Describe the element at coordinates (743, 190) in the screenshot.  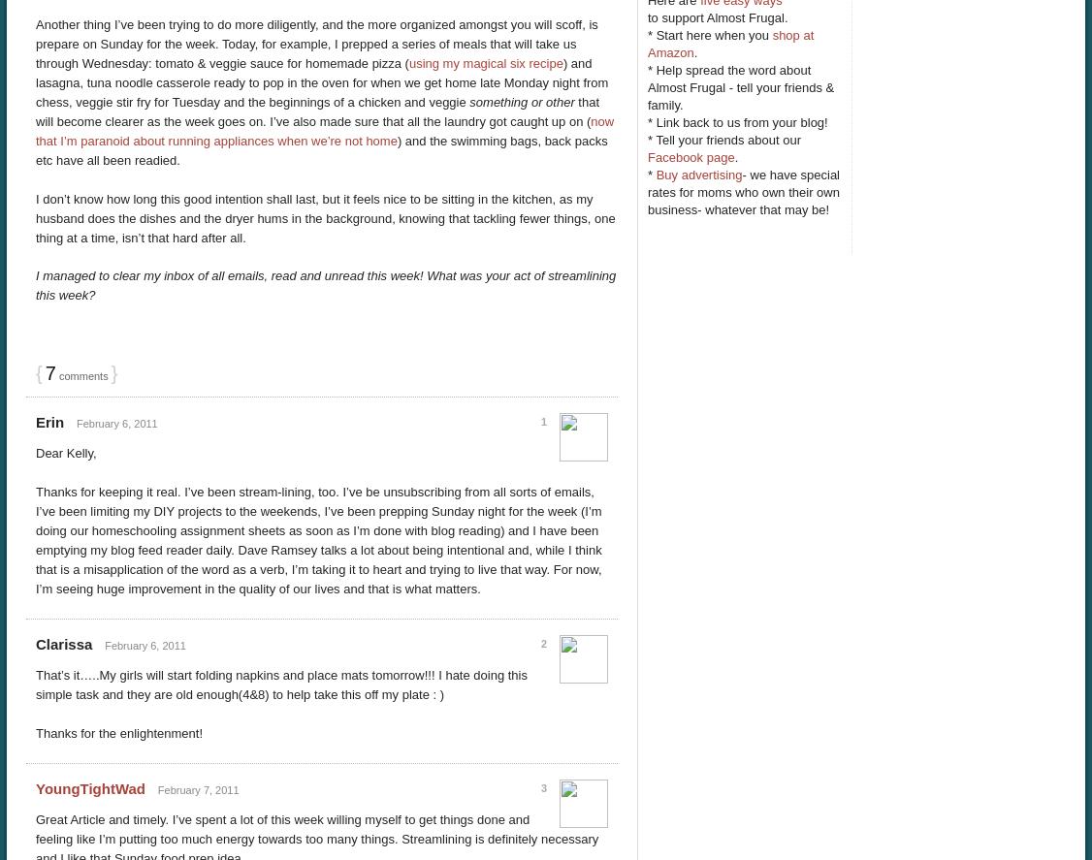
I see `'- we have special rates for moms who own their own business- whatever that may be!'` at that location.